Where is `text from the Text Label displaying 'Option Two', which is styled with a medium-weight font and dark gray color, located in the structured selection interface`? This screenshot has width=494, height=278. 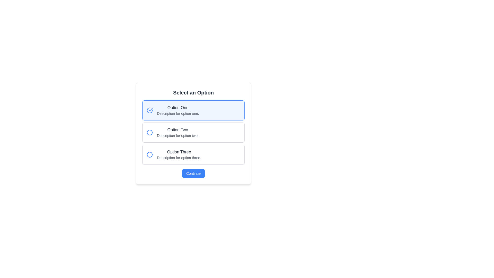
text from the Text Label displaying 'Option Two', which is styled with a medium-weight font and dark gray color, located in the structured selection interface is located at coordinates (178, 130).